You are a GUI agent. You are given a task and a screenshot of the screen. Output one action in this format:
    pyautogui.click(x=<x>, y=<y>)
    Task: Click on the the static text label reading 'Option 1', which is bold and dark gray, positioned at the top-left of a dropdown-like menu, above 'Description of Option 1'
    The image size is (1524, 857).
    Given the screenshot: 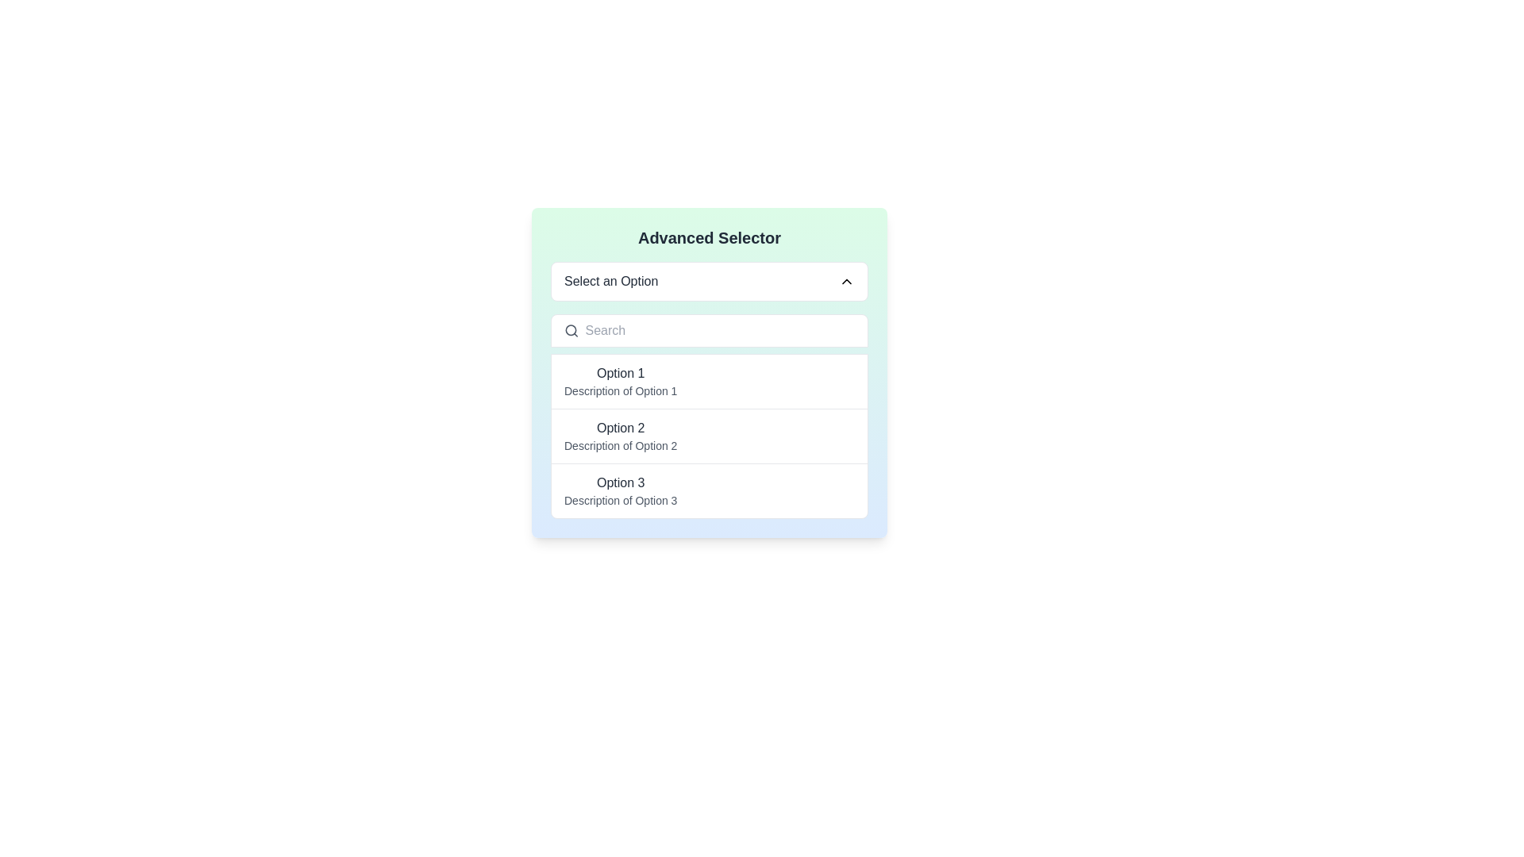 What is the action you would take?
    pyautogui.click(x=620, y=373)
    